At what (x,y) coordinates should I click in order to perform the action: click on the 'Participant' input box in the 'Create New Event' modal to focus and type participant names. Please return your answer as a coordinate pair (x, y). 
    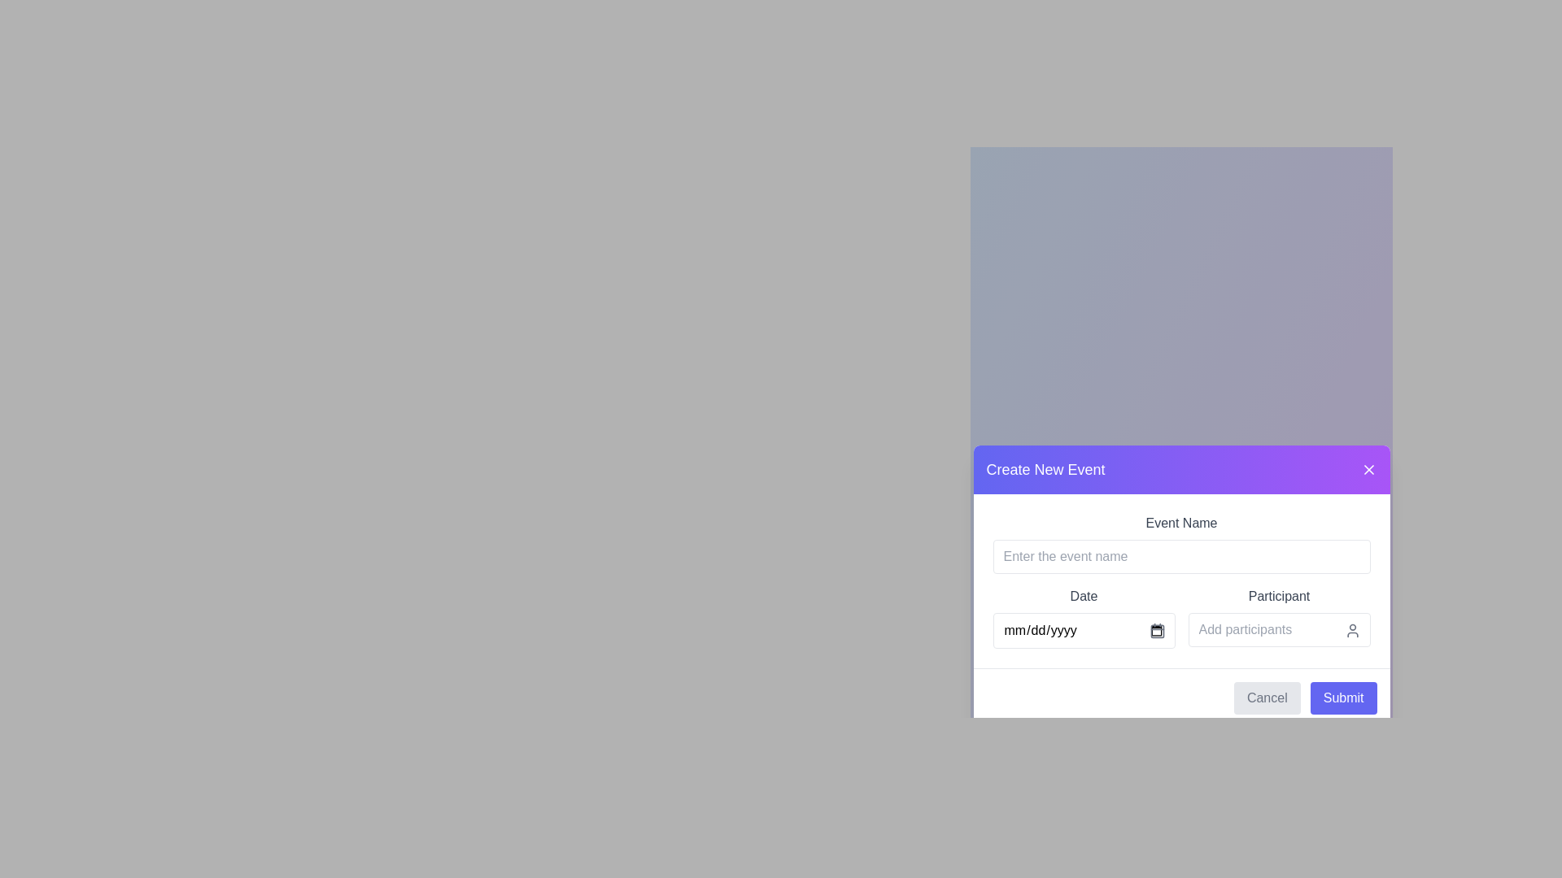
    Looking at the image, I should click on (1278, 617).